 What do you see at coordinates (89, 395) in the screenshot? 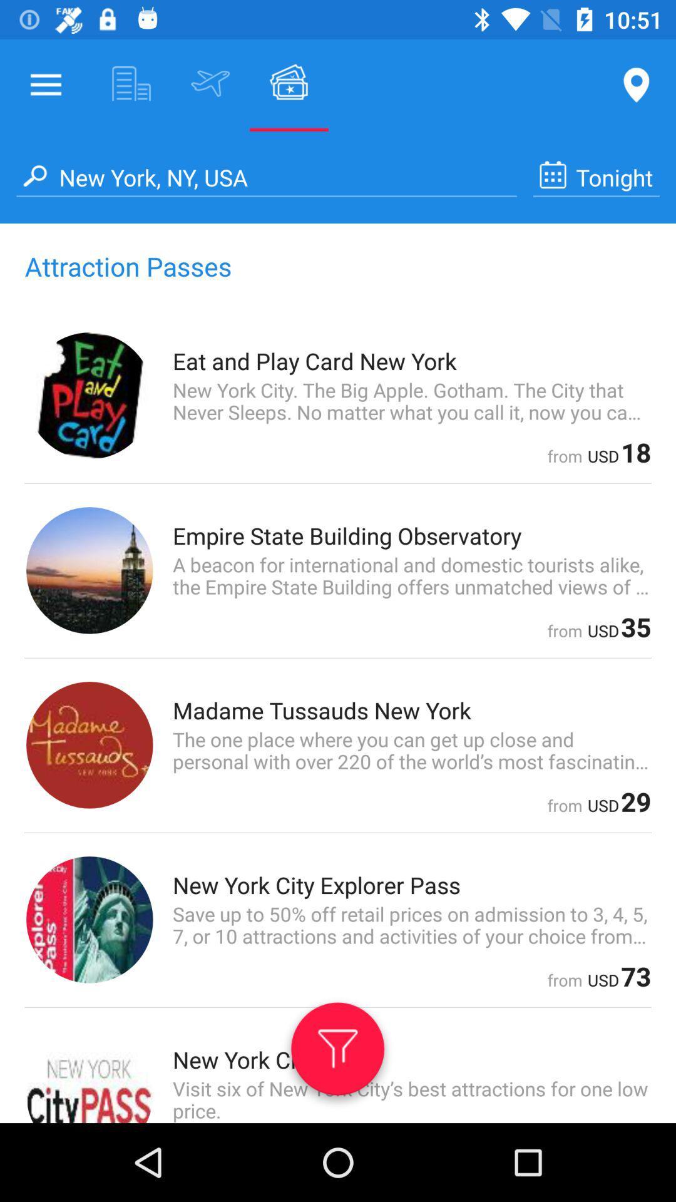
I see `the image below the text attraction passes on the web page` at bounding box center [89, 395].